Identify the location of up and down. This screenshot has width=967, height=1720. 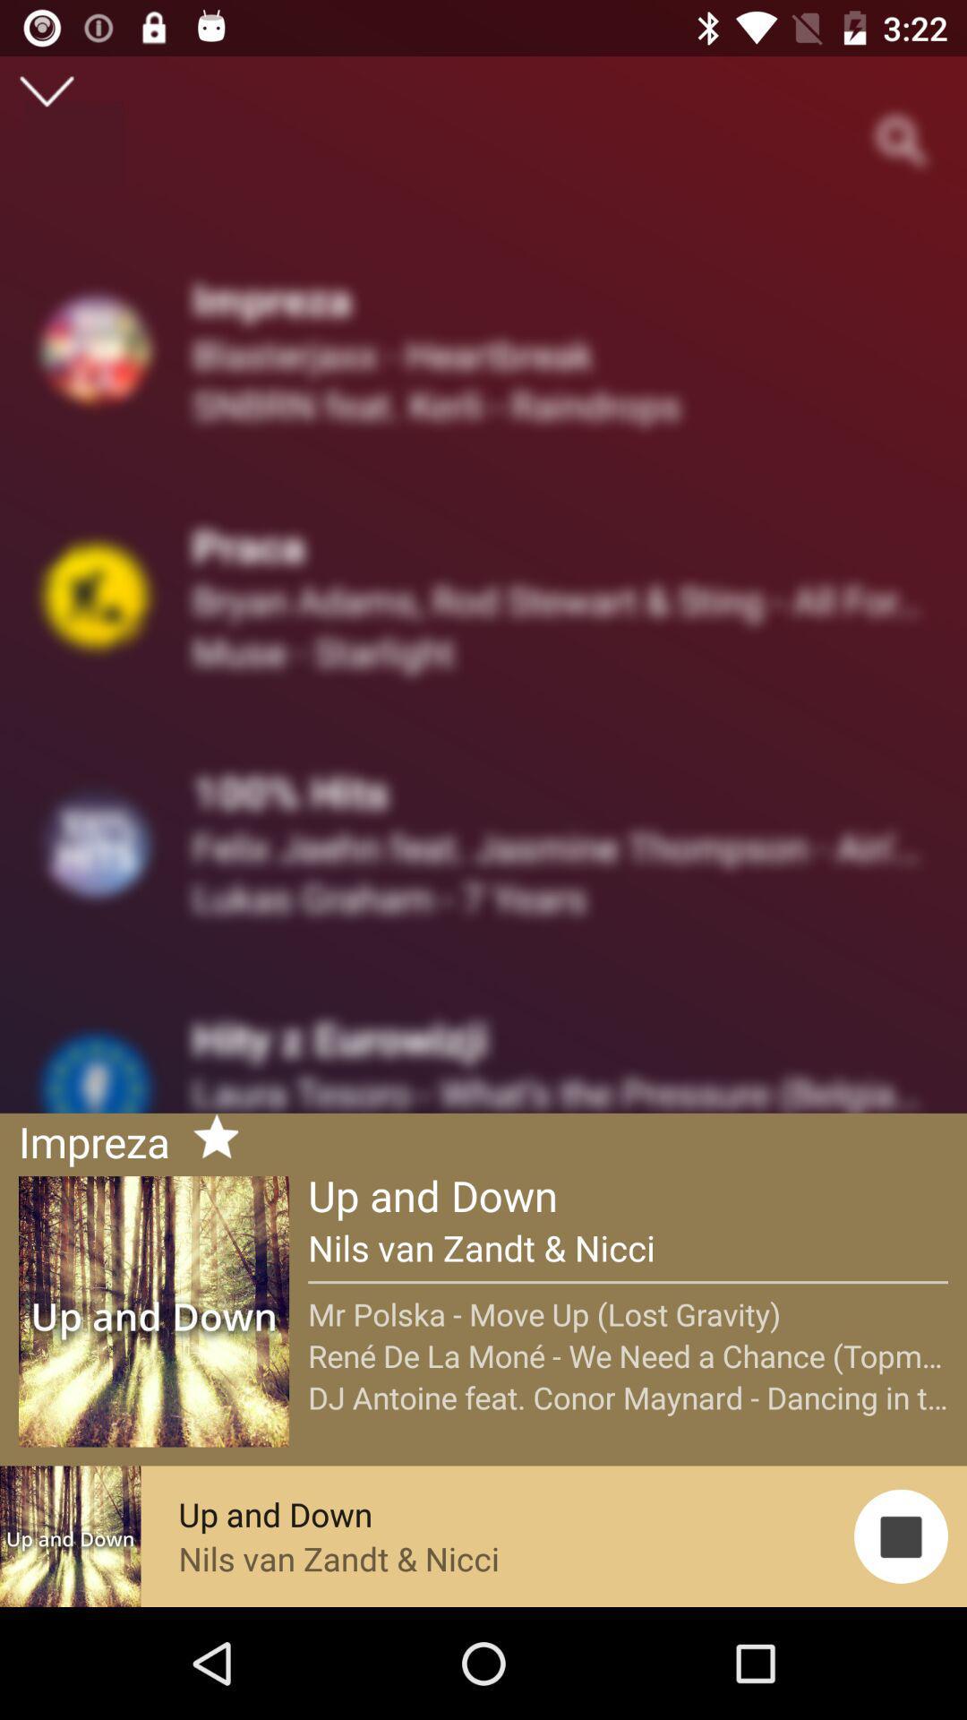
(208, 1139).